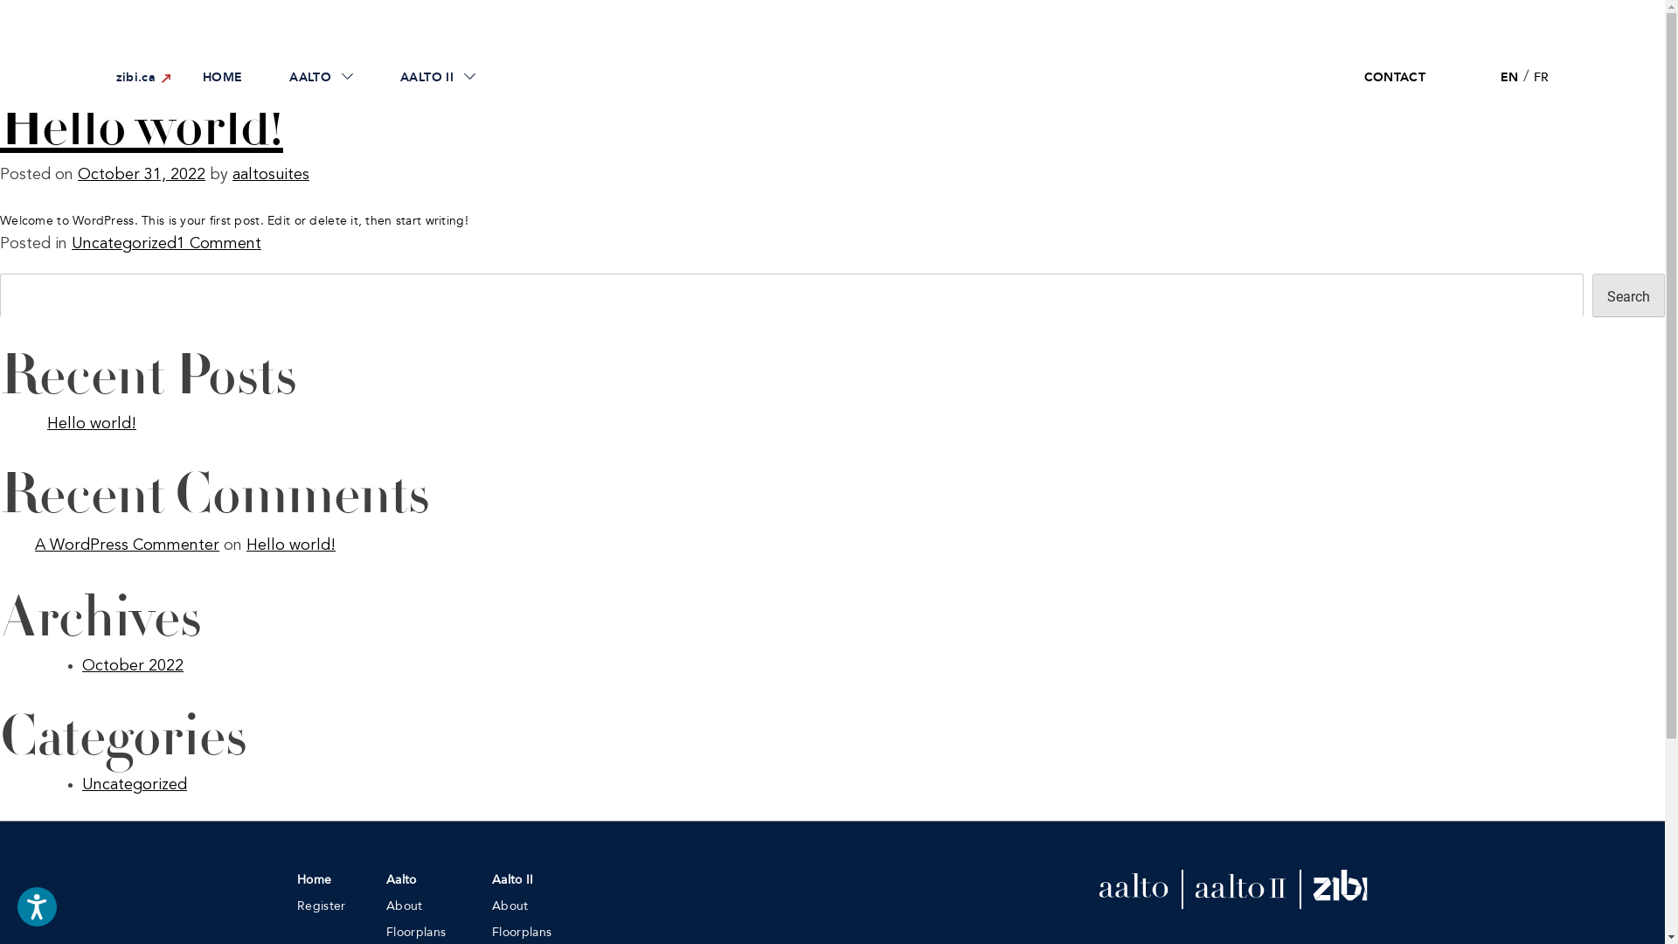 The width and height of the screenshot is (1678, 944). I want to click on 'EN', so click(1508, 76).